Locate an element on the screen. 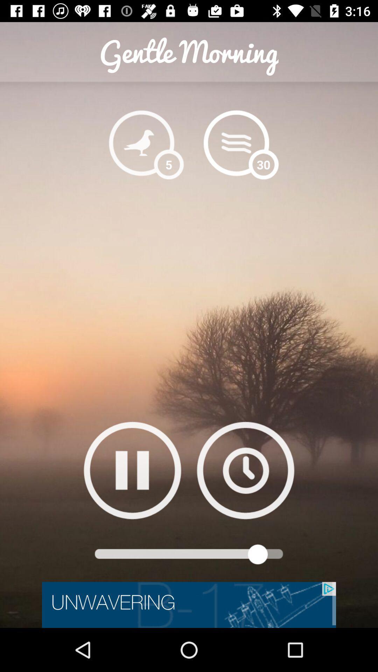 This screenshot has width=378, height=672. pause button is located at coordinates (132, 470).